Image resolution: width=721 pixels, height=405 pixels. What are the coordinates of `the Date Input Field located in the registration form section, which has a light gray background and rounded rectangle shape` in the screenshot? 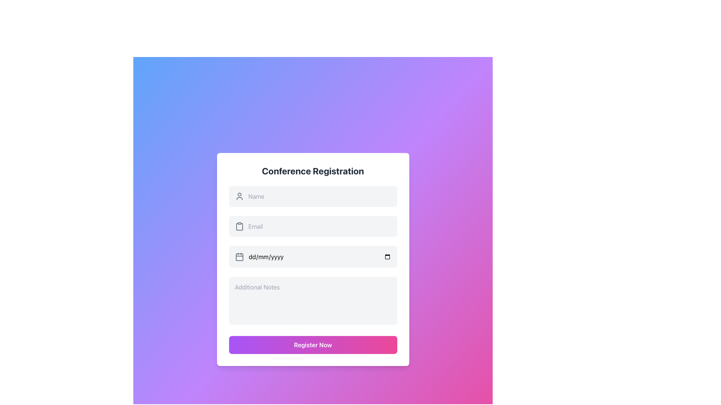 It's located at (313, 256).